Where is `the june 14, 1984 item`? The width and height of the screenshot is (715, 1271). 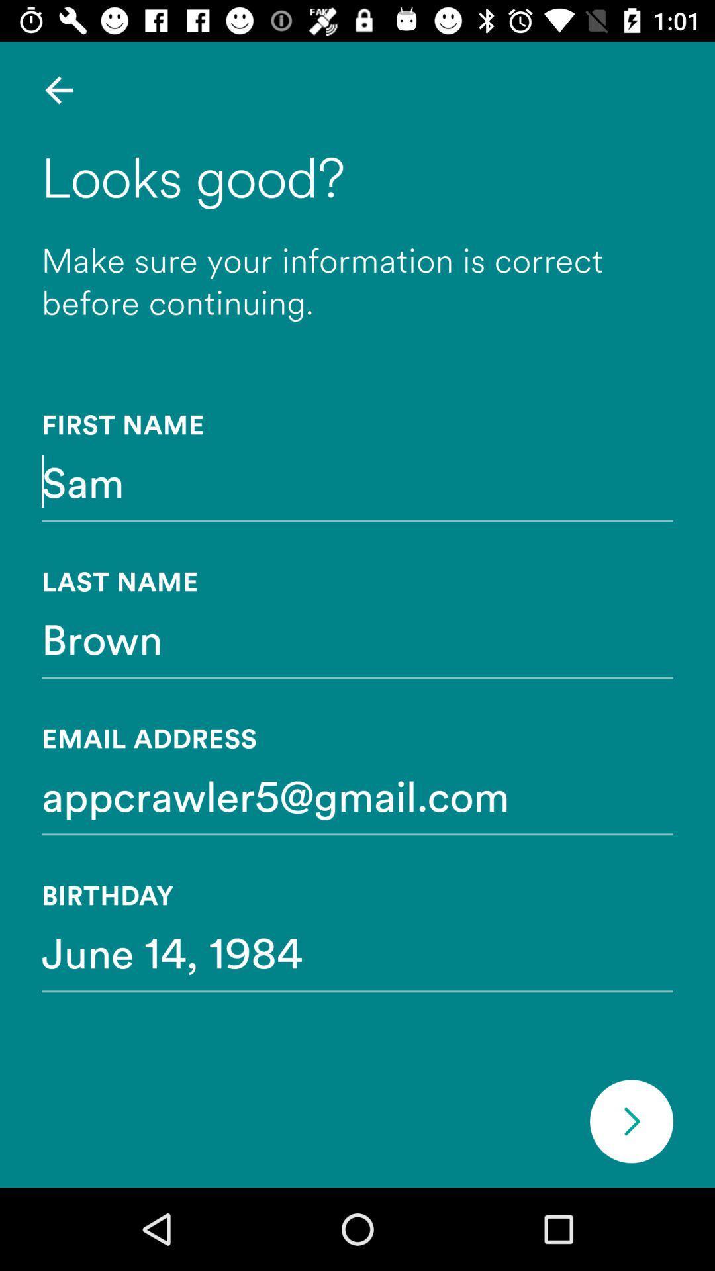
the june 14, 1984 item is located at coordinates (358, 951).